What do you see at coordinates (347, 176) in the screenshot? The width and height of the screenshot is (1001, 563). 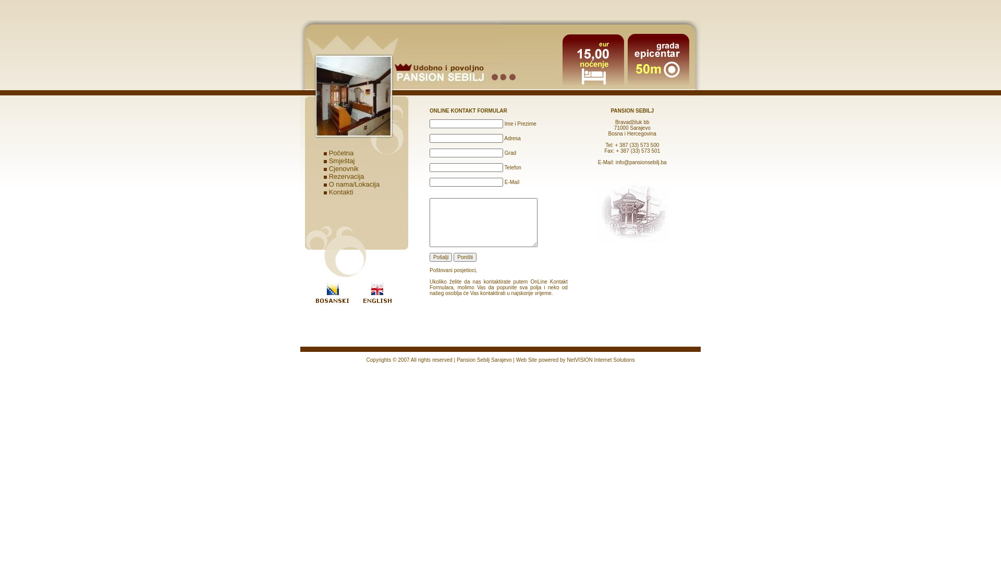 I see `'Rezervacija'` at bounding box center [347, 176].